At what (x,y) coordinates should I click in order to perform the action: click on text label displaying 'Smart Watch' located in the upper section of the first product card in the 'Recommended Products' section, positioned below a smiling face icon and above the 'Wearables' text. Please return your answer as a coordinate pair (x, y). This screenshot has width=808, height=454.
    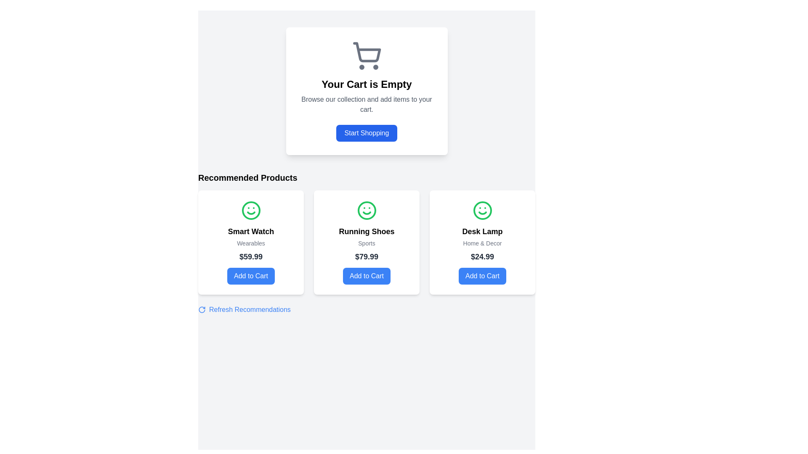
    Looking at the image, I should click on (250, 232).